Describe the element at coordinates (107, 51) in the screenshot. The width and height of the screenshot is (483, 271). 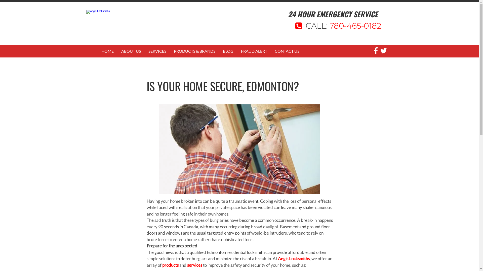
I see `'HOME'` at that location.